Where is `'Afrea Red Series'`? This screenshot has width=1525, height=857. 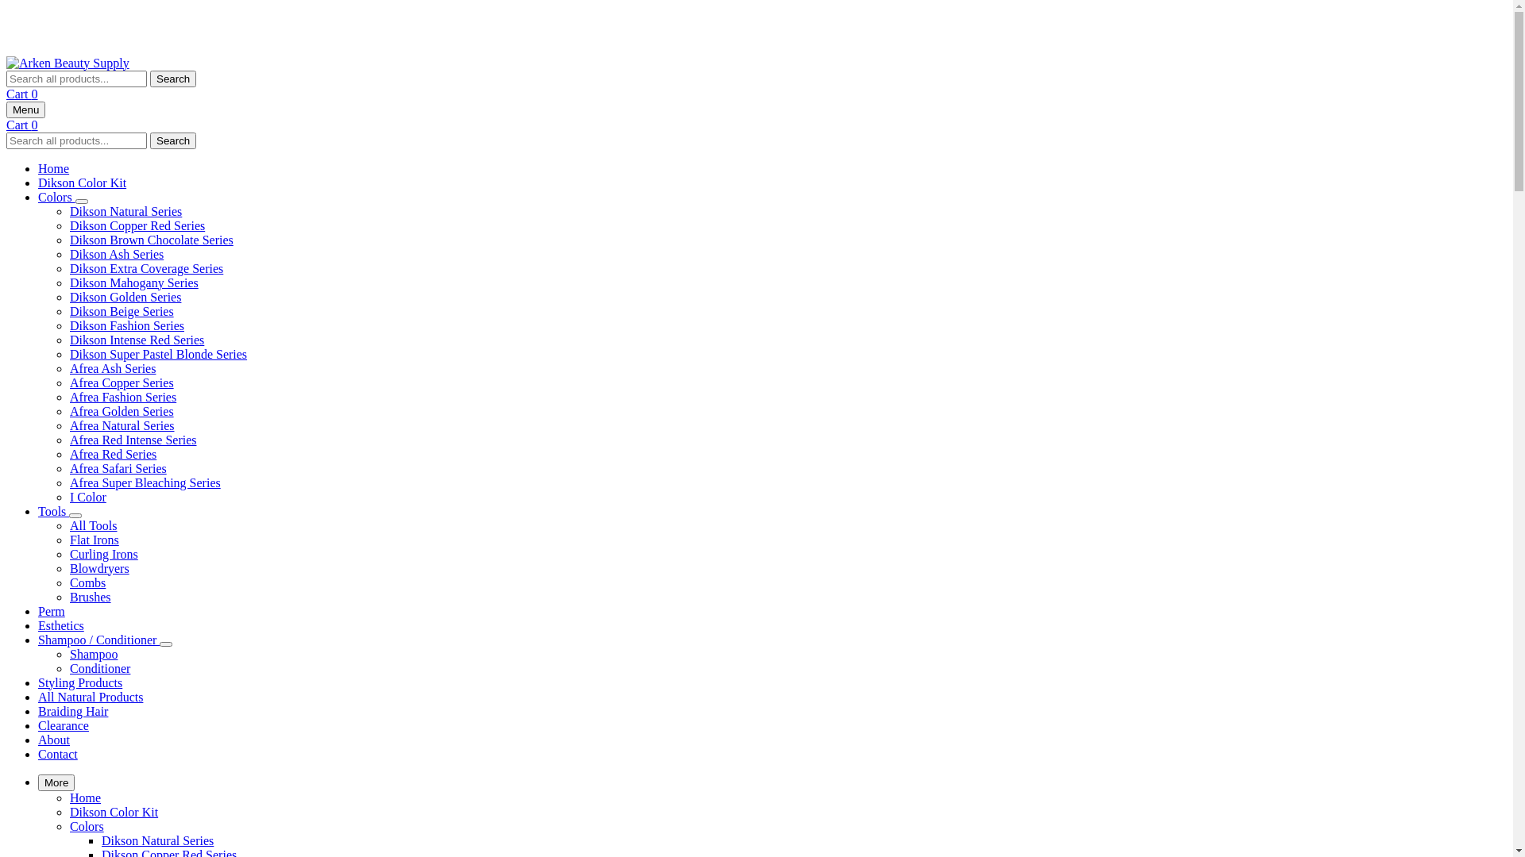 'Afrea Red Series' is located at coordinates (112, 454).